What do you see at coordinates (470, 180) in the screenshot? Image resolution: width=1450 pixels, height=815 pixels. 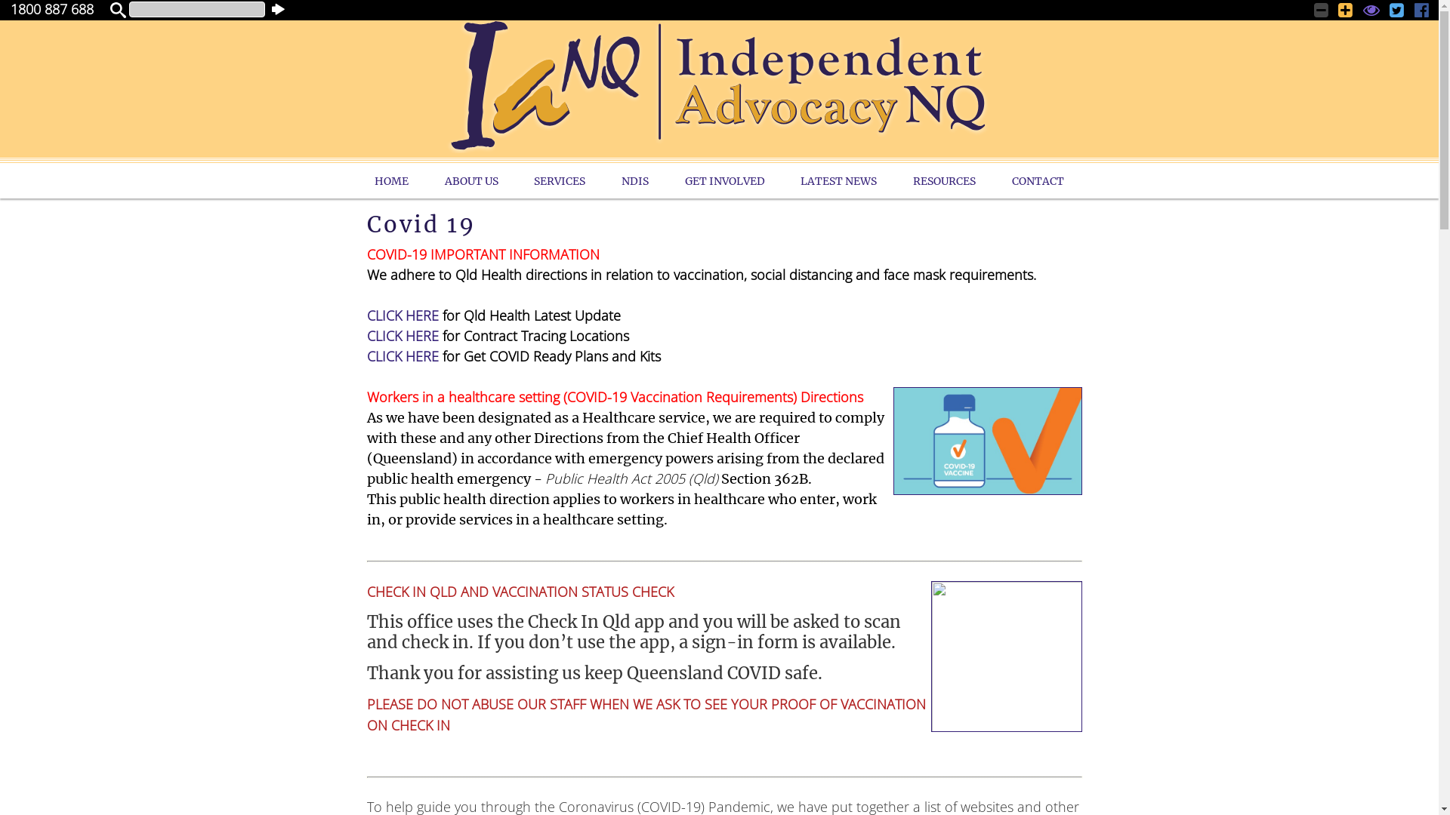 I see `'ABOUT US'` at bounding box center [470, 180].